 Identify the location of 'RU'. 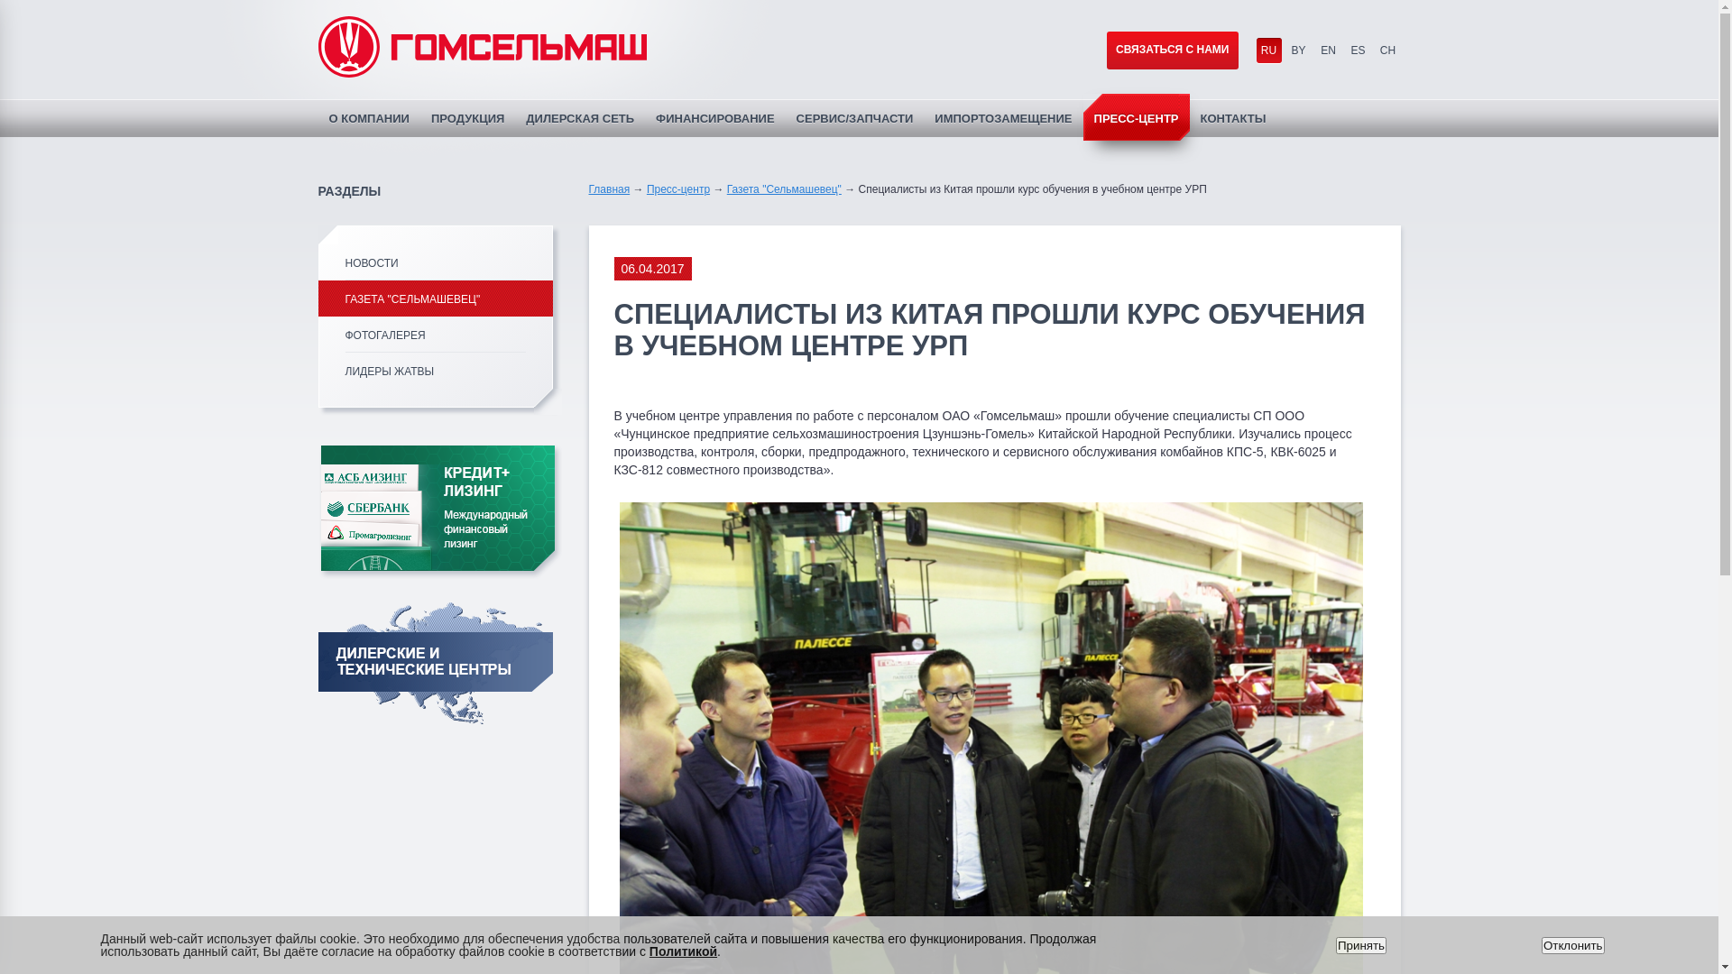
(1255, 50).